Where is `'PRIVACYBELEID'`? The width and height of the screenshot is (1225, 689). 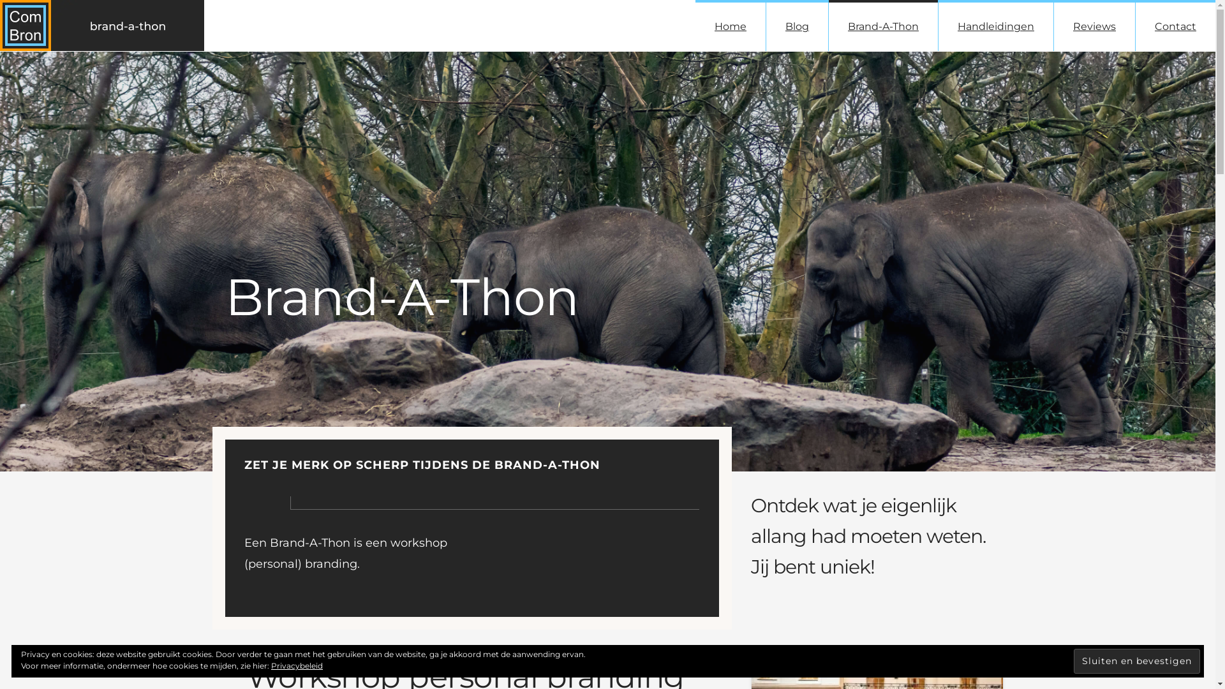
'PRIVACYBELEID' is located at coordinates (413, 652).